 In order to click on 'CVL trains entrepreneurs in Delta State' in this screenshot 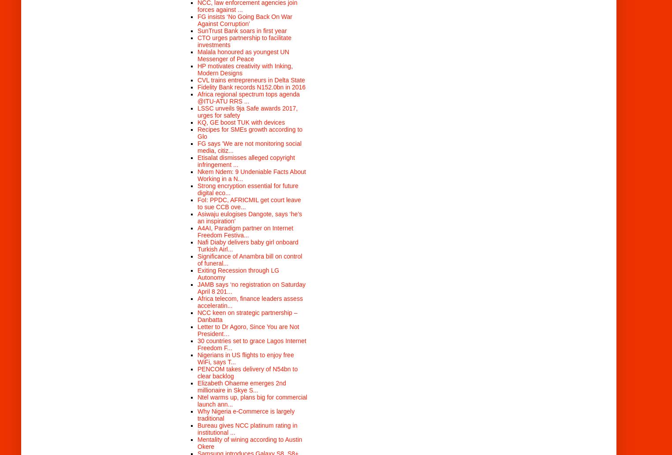, I will do `click(198, 79)`.